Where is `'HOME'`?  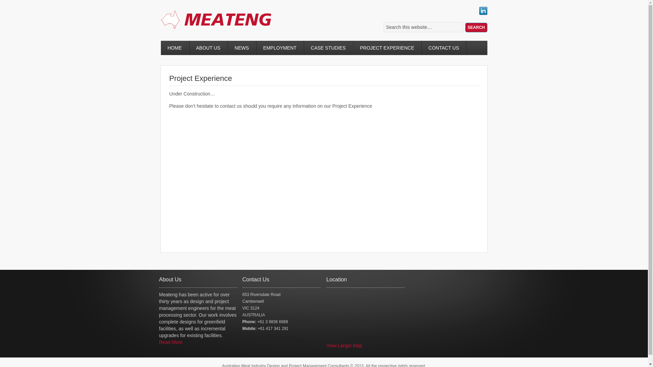
'HOME' is located at coordinates (174, 48).